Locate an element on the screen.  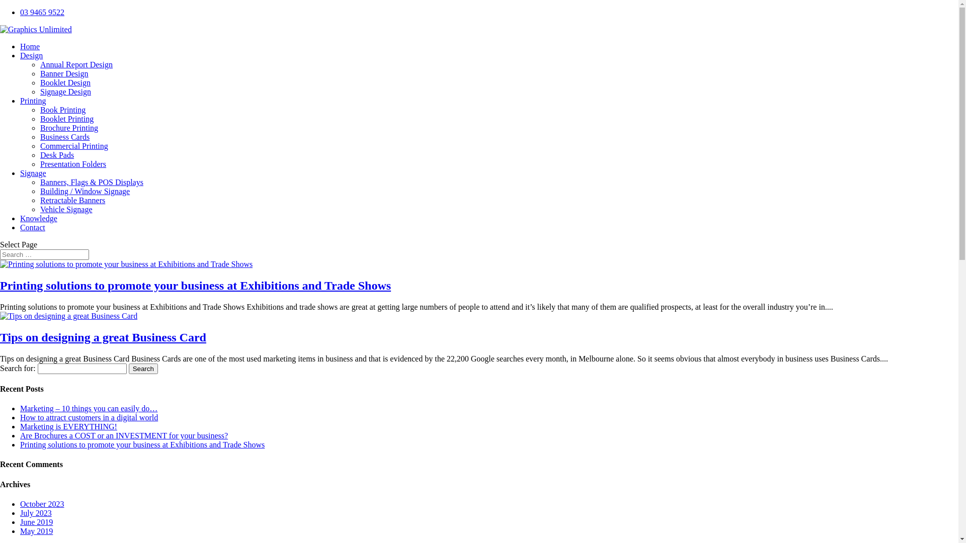
'Desk Pads' is located at coordinates (56, 155).